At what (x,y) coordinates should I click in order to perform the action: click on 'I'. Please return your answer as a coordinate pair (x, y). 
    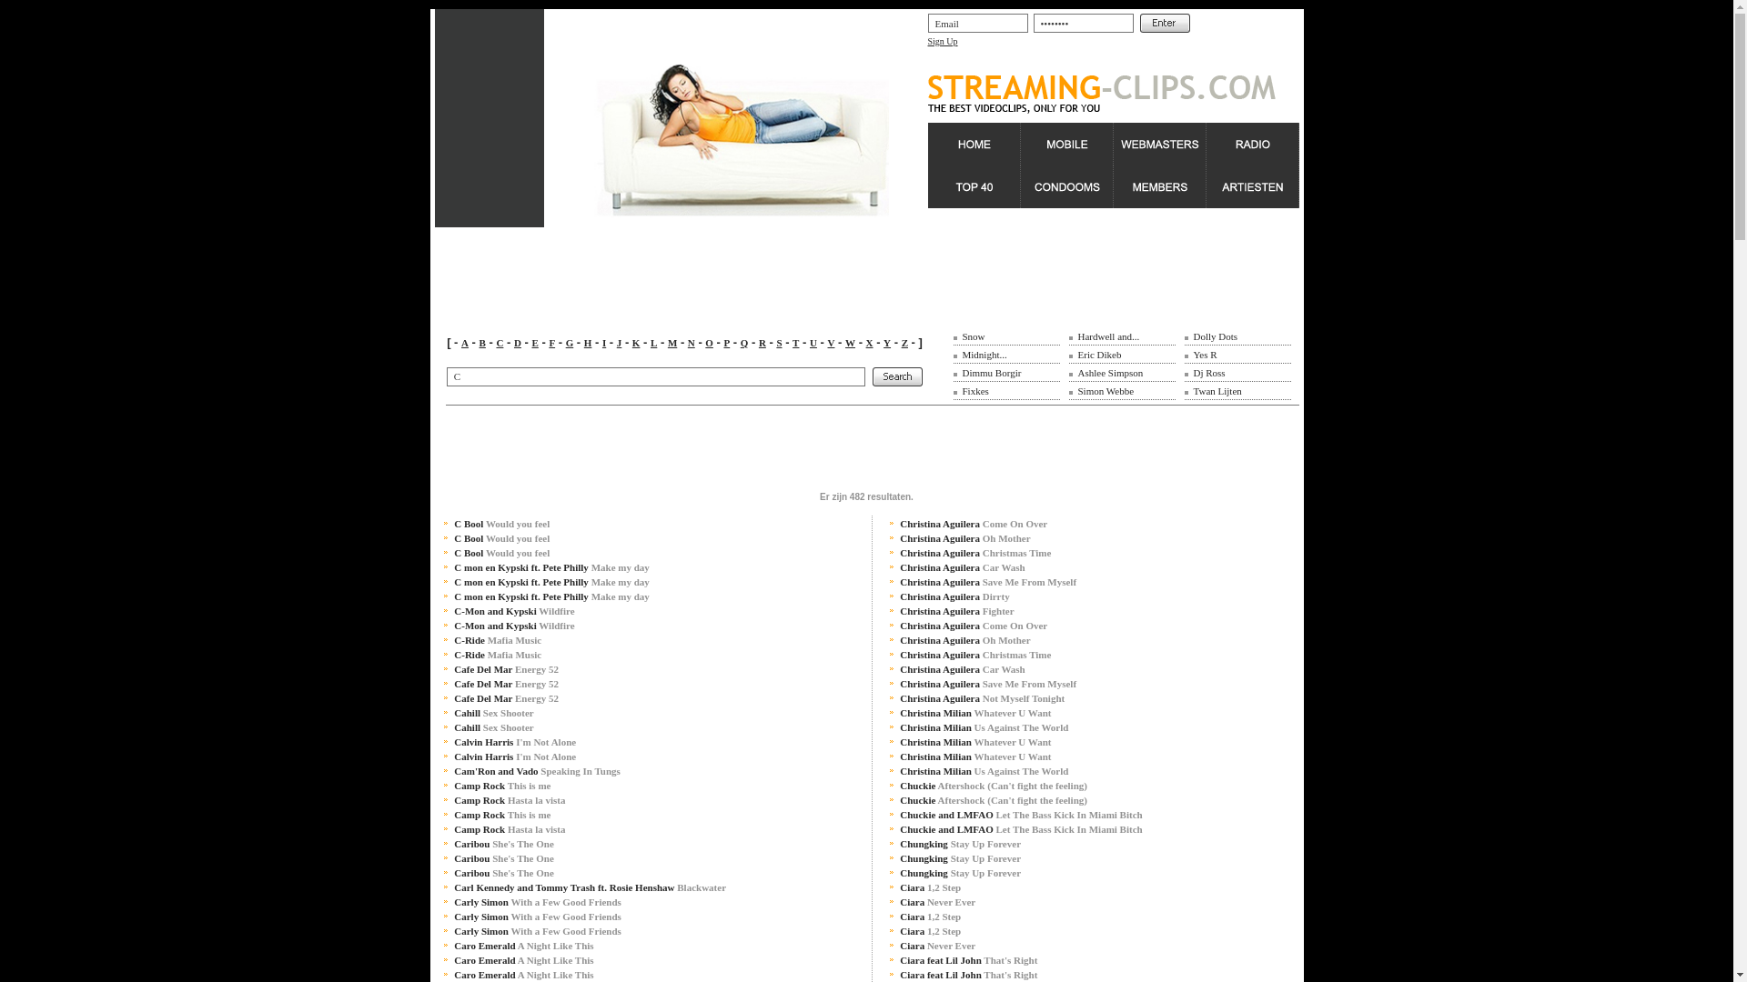
    Looking at the image, I should click on (602, 343).